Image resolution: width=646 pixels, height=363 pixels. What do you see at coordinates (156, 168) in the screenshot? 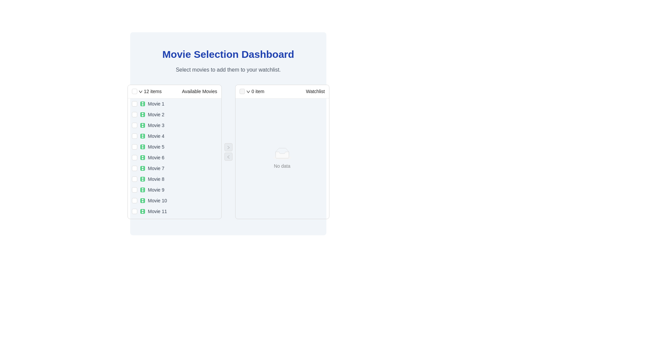
I see `the 'Movie 7' text label, which displays the title and is located in the center-left panel under 'Available Movies'` at bounding box center [156, 168].